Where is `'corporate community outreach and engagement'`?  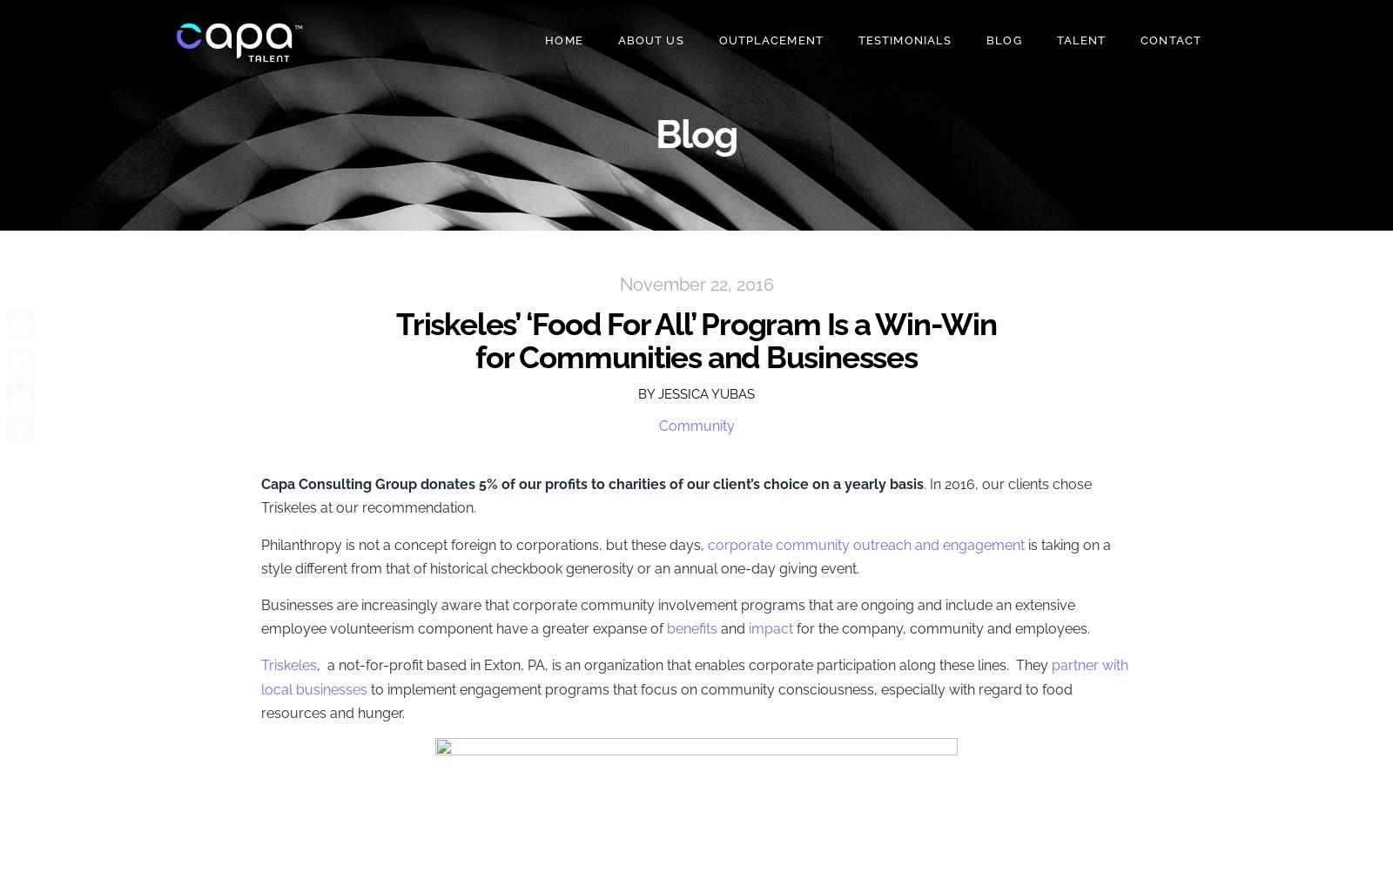
'corporate community outreach and engagement' is located at coordinates (865, 543).